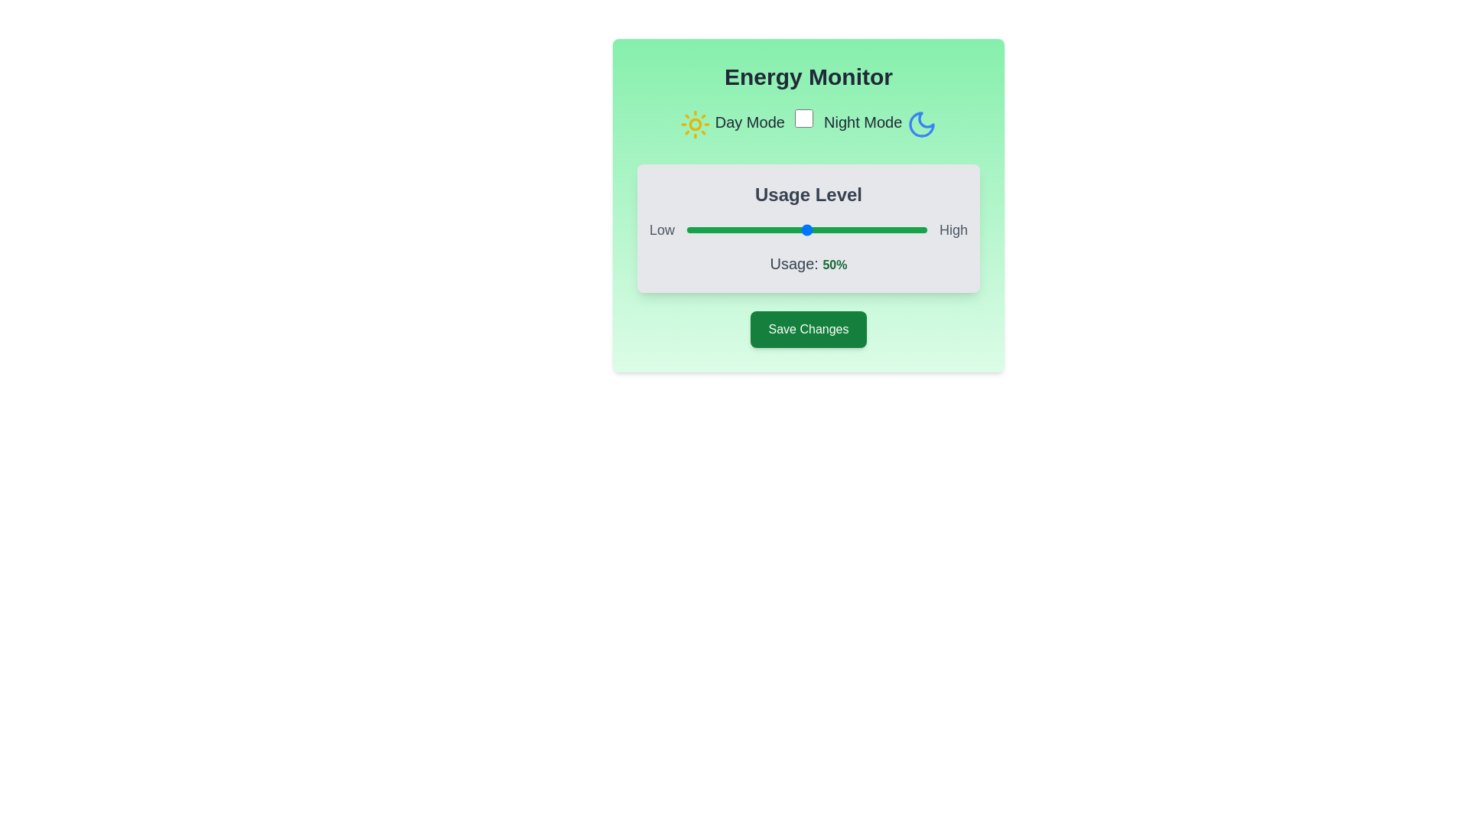 This screenshot has width=1469, height=826. I want to click on the sun icon representing 'Day Mode', so click(695, 123).